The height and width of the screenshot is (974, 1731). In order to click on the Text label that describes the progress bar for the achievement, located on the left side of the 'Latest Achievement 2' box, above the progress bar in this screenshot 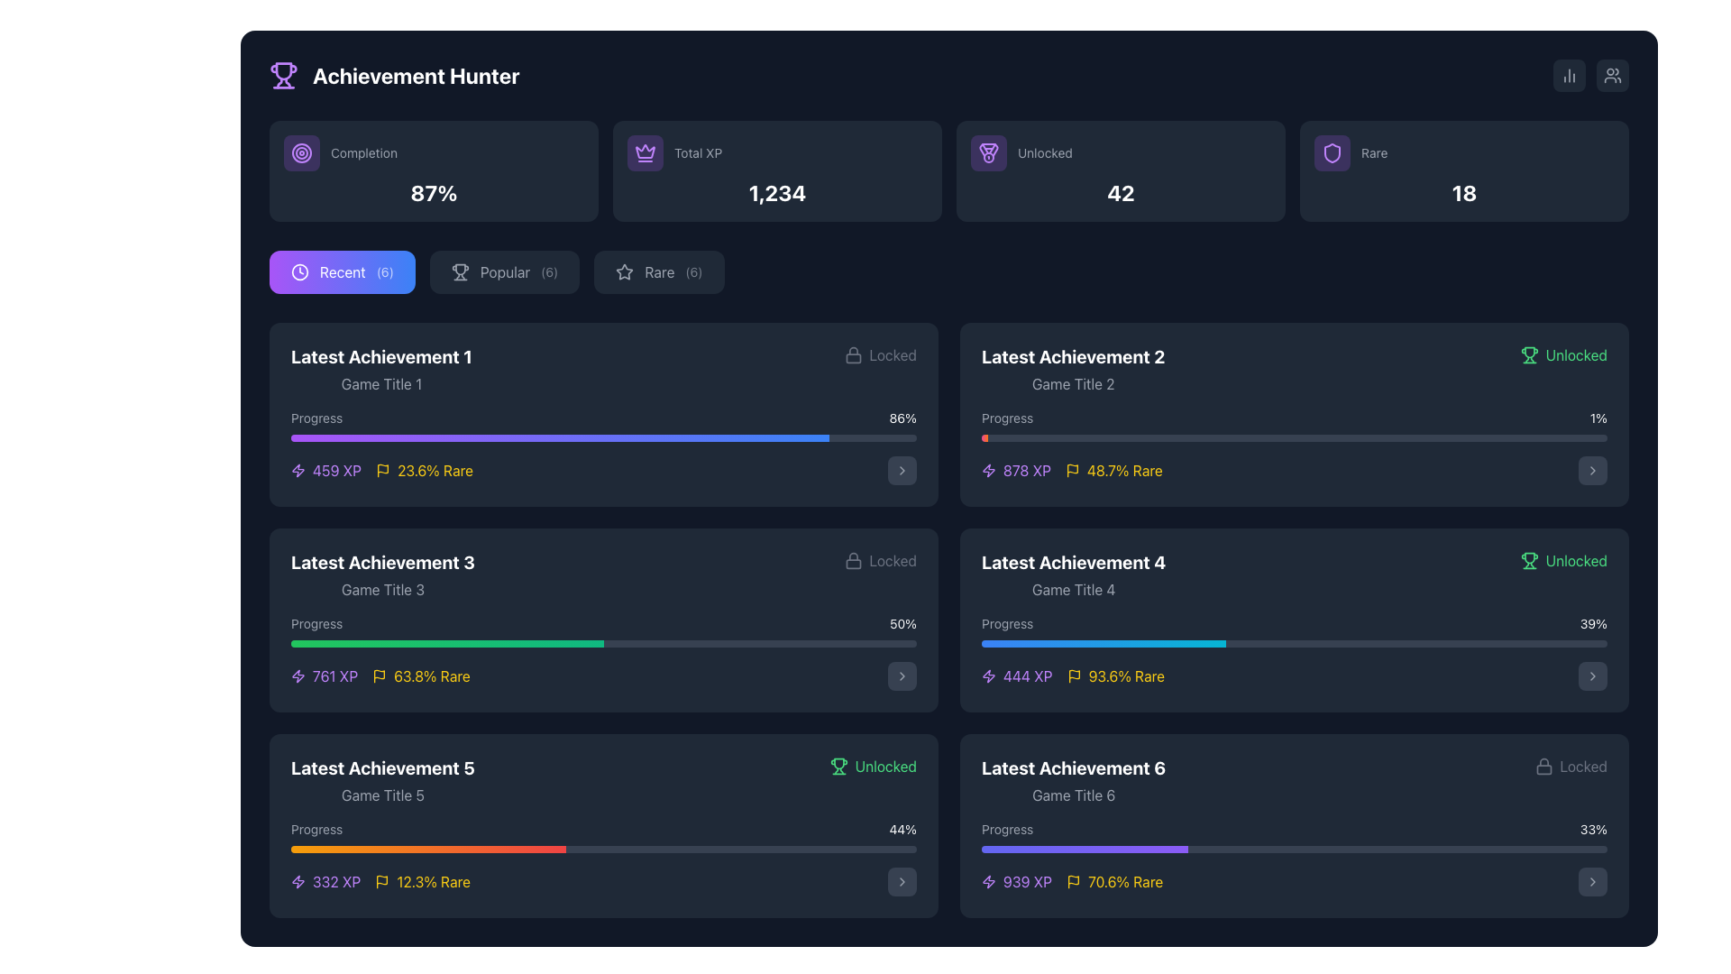, I will do `click(1006, 418)`.